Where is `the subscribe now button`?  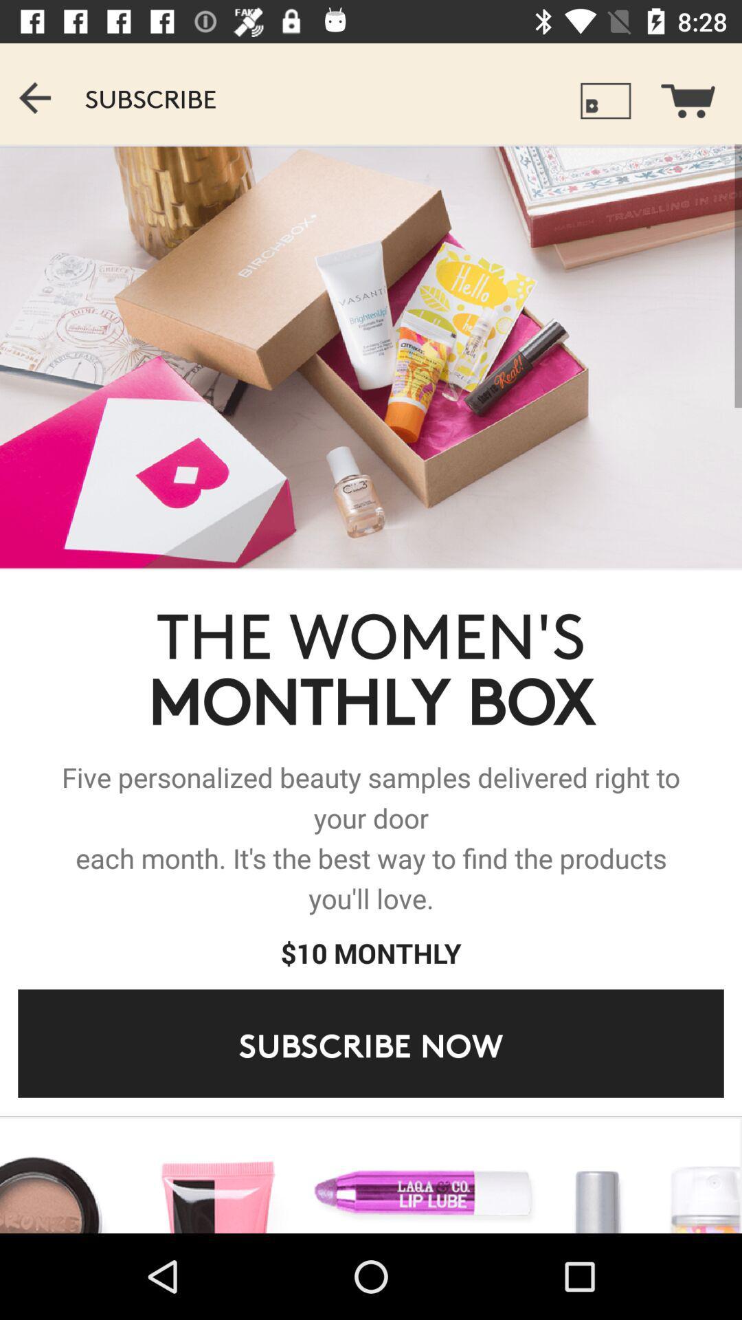
the subscribe now button is located at coordinates (371, 1043).